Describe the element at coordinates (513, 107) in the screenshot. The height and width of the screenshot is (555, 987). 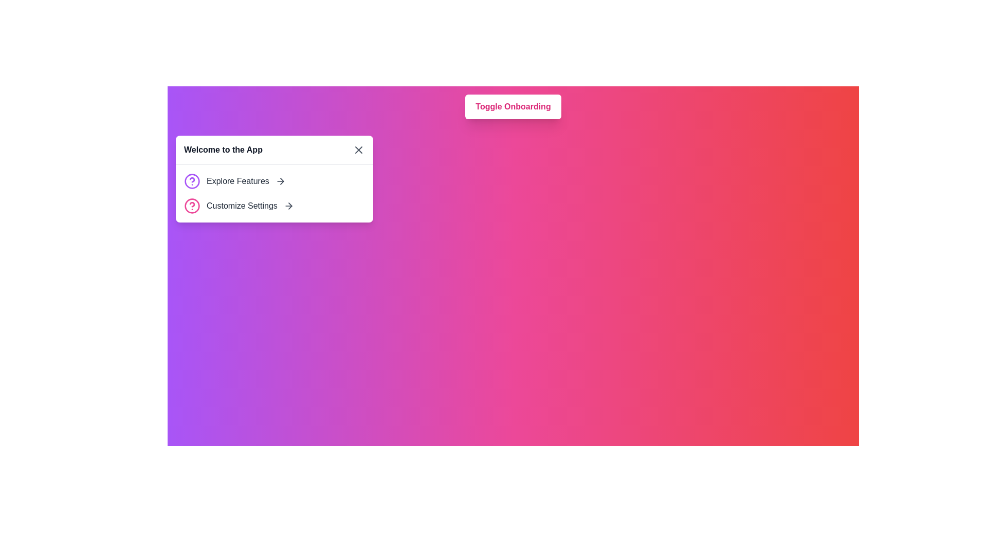
I see `the 'Toggle Onboarding' button, which has a white background and pink bold text, located slightly below the top of the interface` at that location.